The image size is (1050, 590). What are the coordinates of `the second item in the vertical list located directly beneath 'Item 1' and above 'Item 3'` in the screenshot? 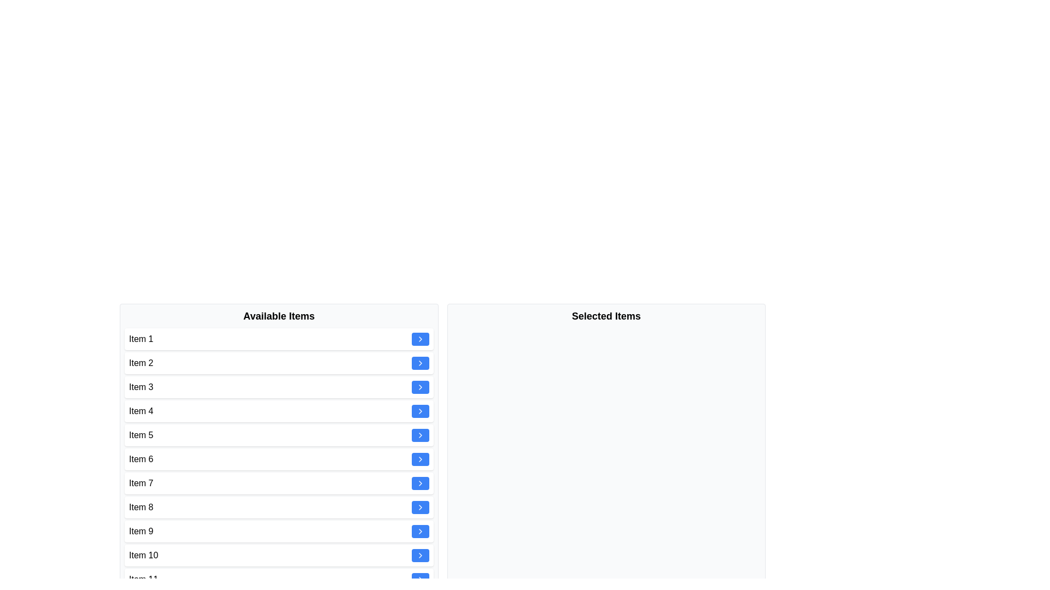 It's located at (279, 363).